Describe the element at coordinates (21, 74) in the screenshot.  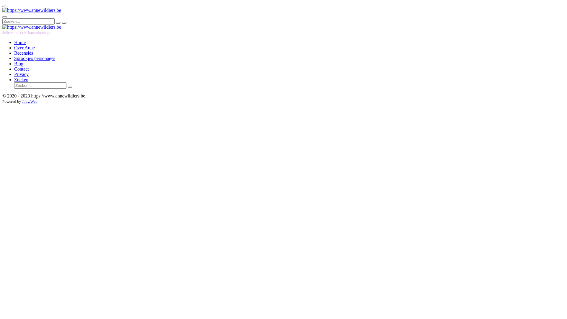
I see `'Privacy'` at that location.